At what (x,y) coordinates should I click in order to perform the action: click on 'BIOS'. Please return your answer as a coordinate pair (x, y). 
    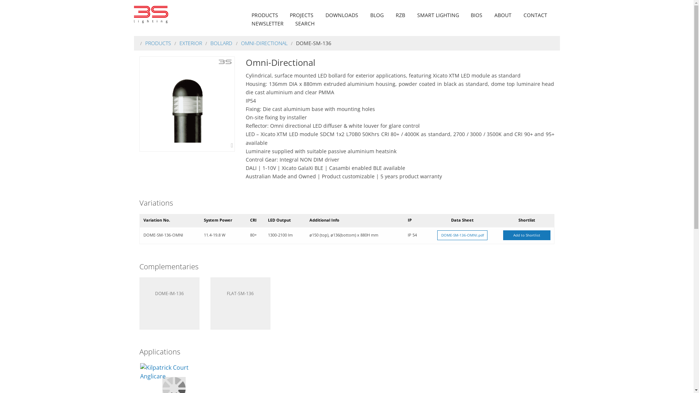
    Looking at the image, I should click on (477, 15).